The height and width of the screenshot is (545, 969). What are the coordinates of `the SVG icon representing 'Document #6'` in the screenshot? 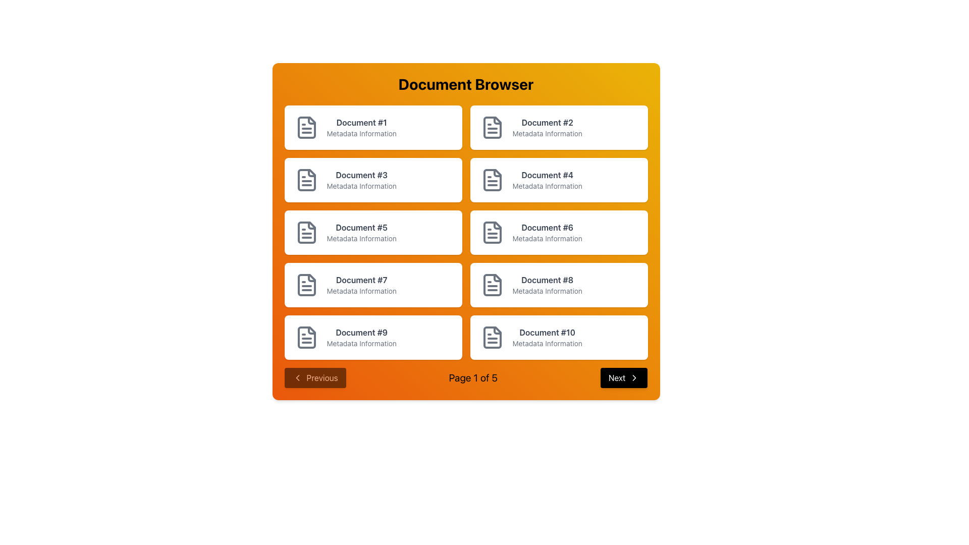 It's located at (492, 233).